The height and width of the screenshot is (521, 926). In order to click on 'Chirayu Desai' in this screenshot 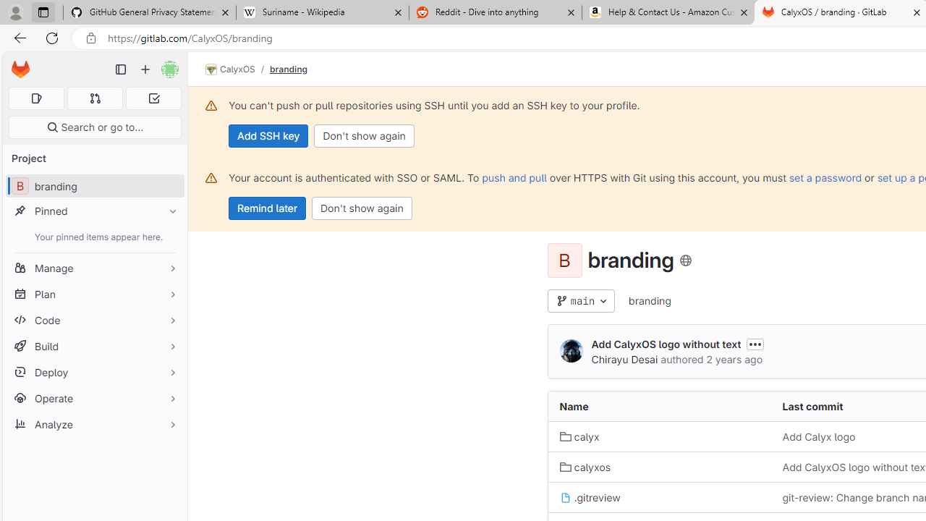, I will do `click(570, 350)`.